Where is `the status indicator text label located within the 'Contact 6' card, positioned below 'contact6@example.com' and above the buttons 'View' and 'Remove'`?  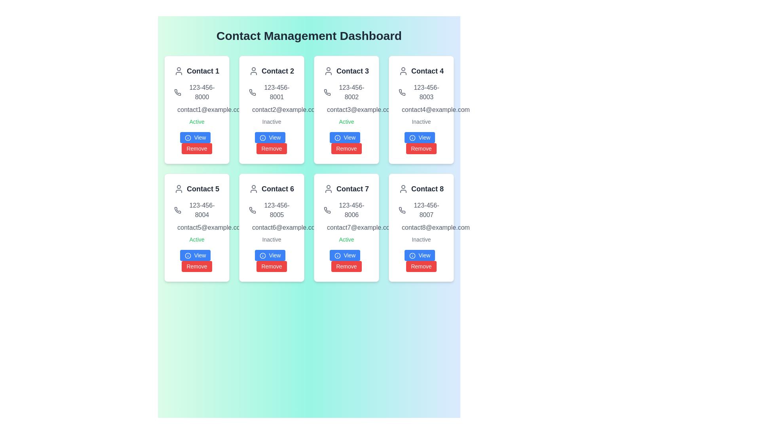
the status indicator text label located within the 'Contact 6' card, positioned below 'contact6@example.com' and above the buttons 'View' and 'Remove' is located at coordinates (272, 239).